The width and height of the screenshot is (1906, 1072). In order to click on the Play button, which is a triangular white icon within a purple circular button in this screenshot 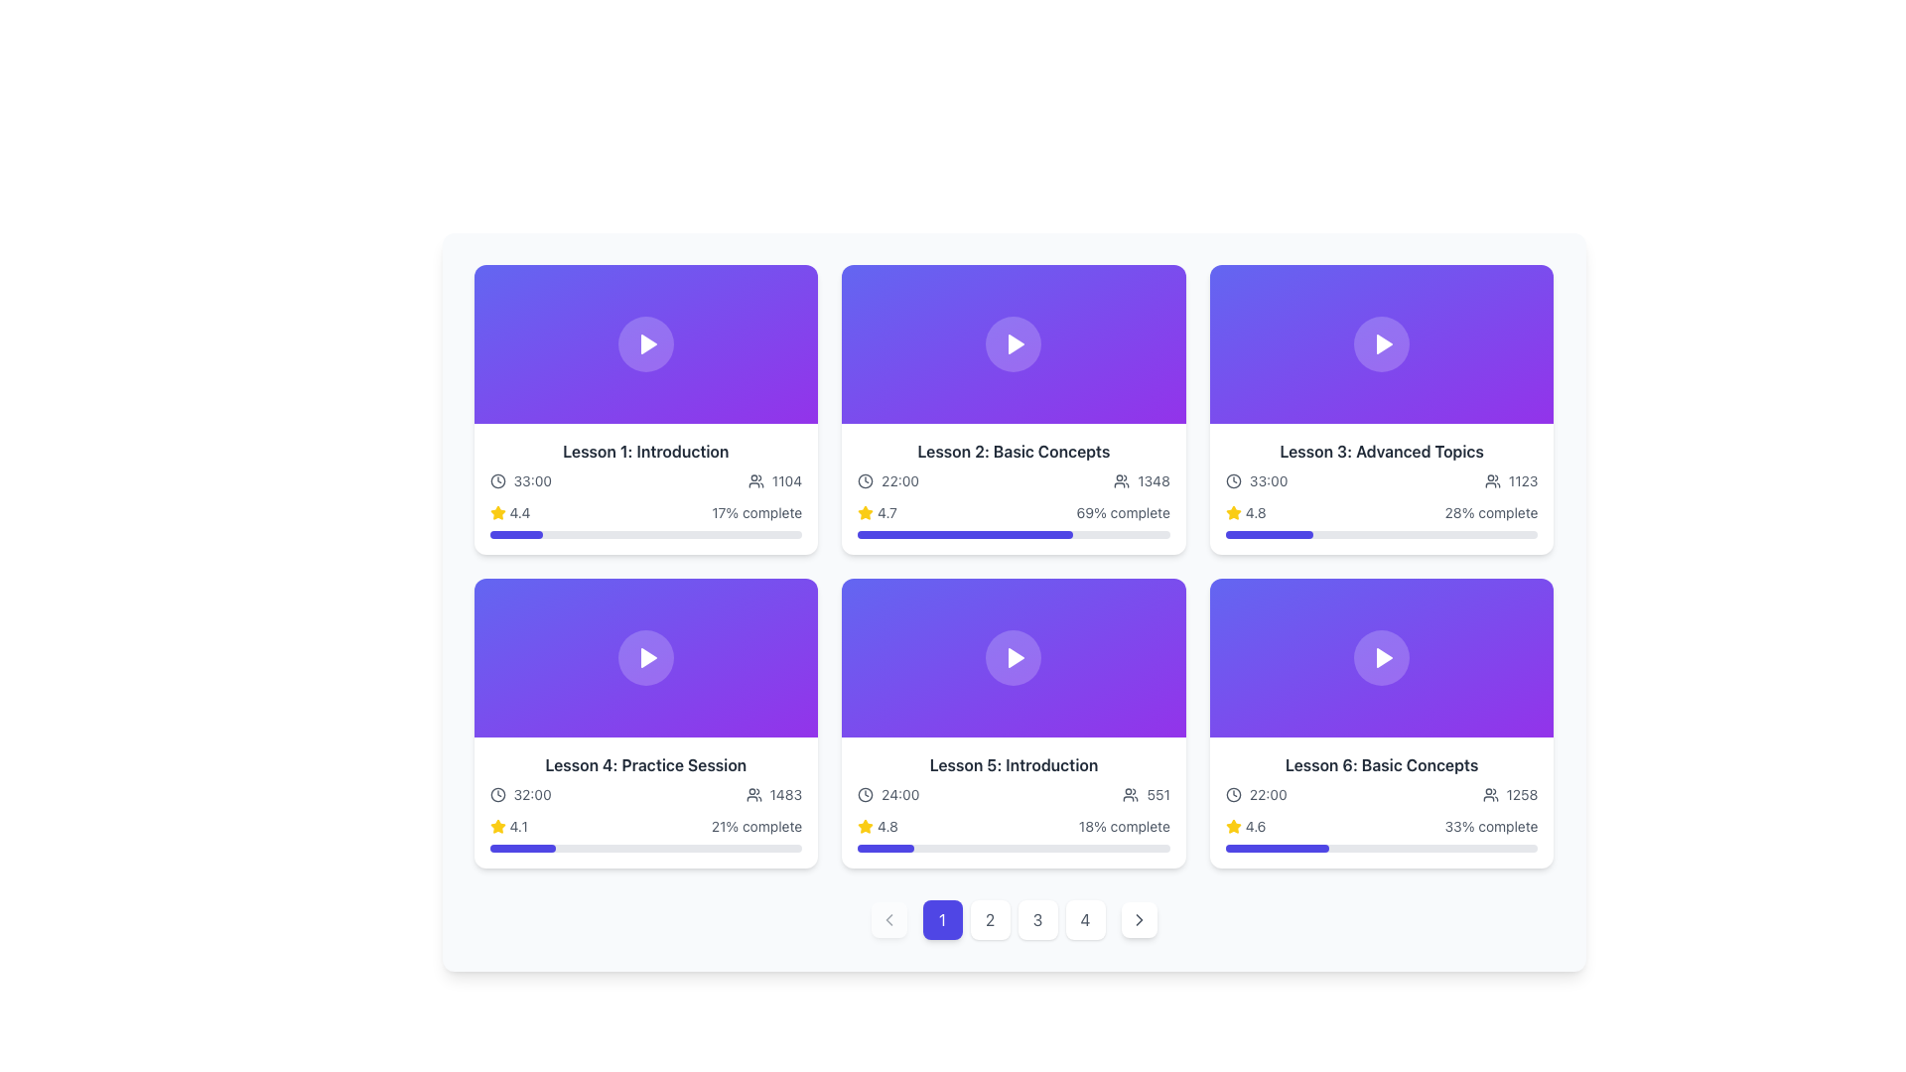, I will do `click(647, 343)`.